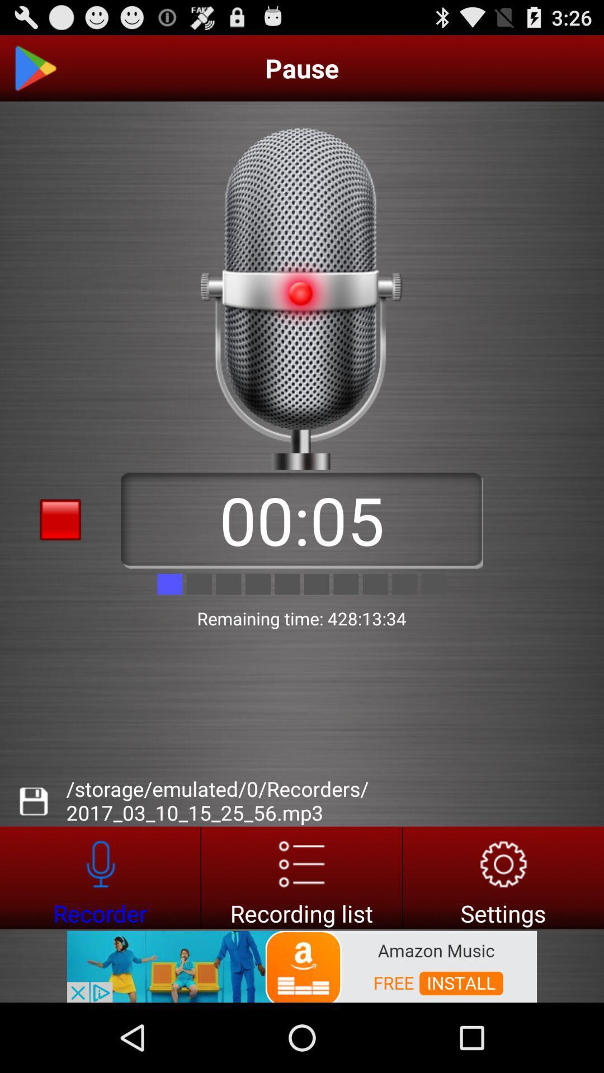  What do you see at coordinates (302, 965) in the screenshot?
I see `install amazon music app` at bounding box center [302, 965].